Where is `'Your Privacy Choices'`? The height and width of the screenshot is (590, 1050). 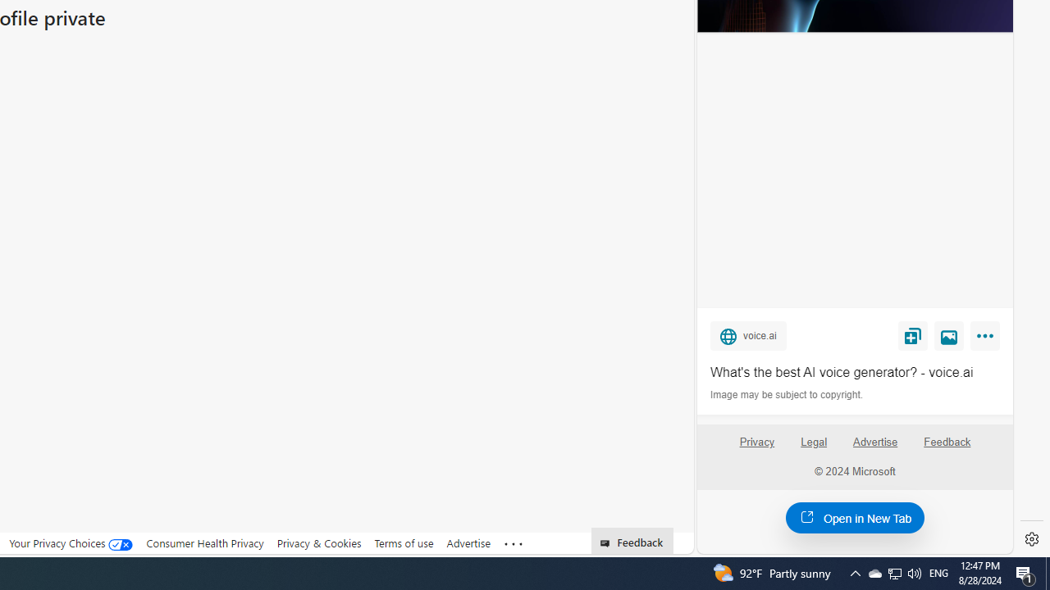
'Your Privacy Choices' is located at coordinates (71, 543).